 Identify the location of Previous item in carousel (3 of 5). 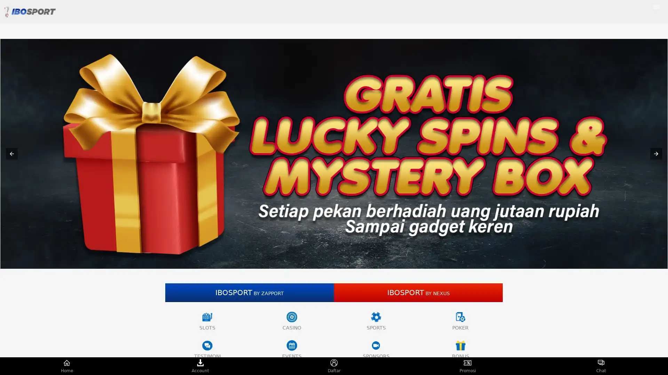
(11, 153).